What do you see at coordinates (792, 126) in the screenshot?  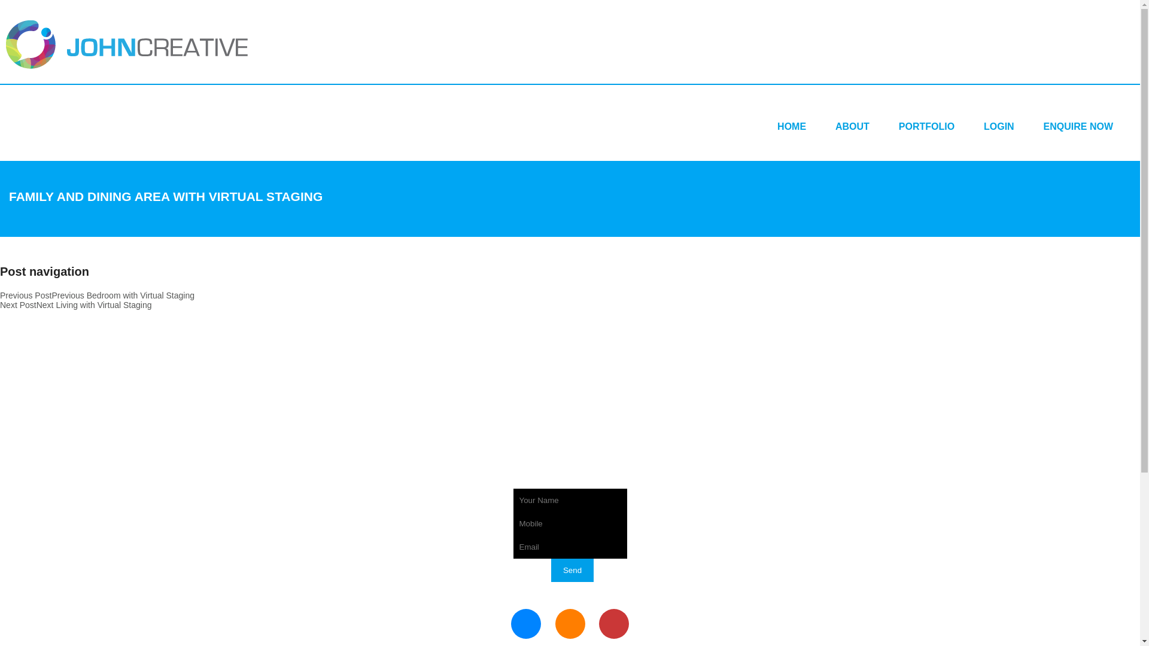 I see `'HOME'` at bounding box center [792, 126].